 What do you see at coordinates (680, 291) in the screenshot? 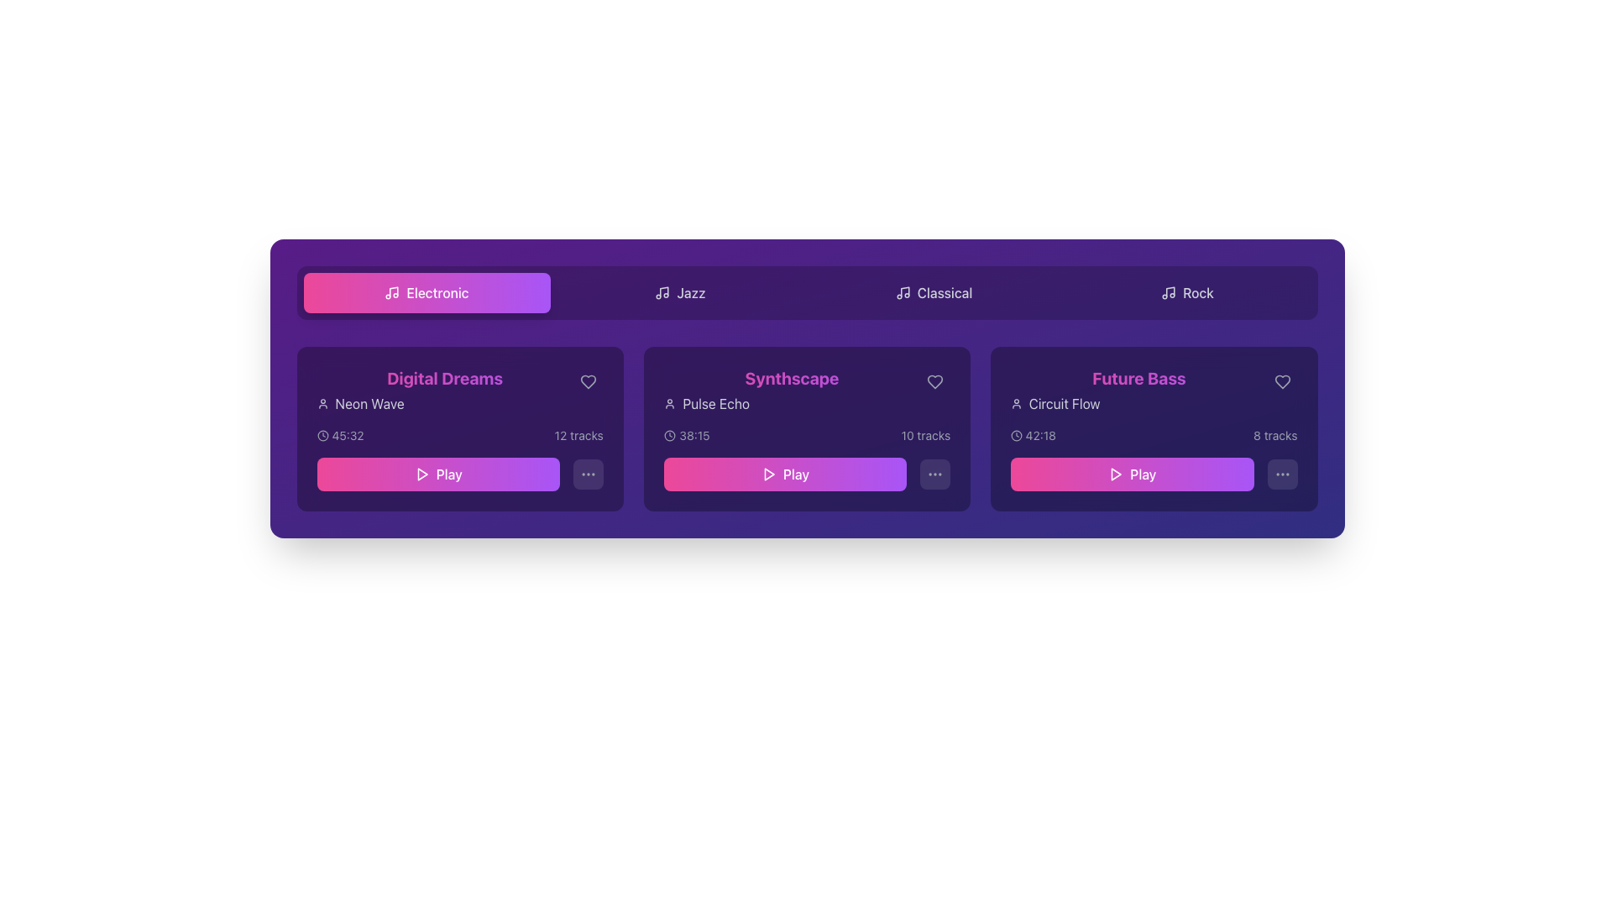
I see `the button in the navigation bar that selects the 'Jazz' category, located between the 'Electronic' and 'Classical' buttons` at bounding box center [680, 291].